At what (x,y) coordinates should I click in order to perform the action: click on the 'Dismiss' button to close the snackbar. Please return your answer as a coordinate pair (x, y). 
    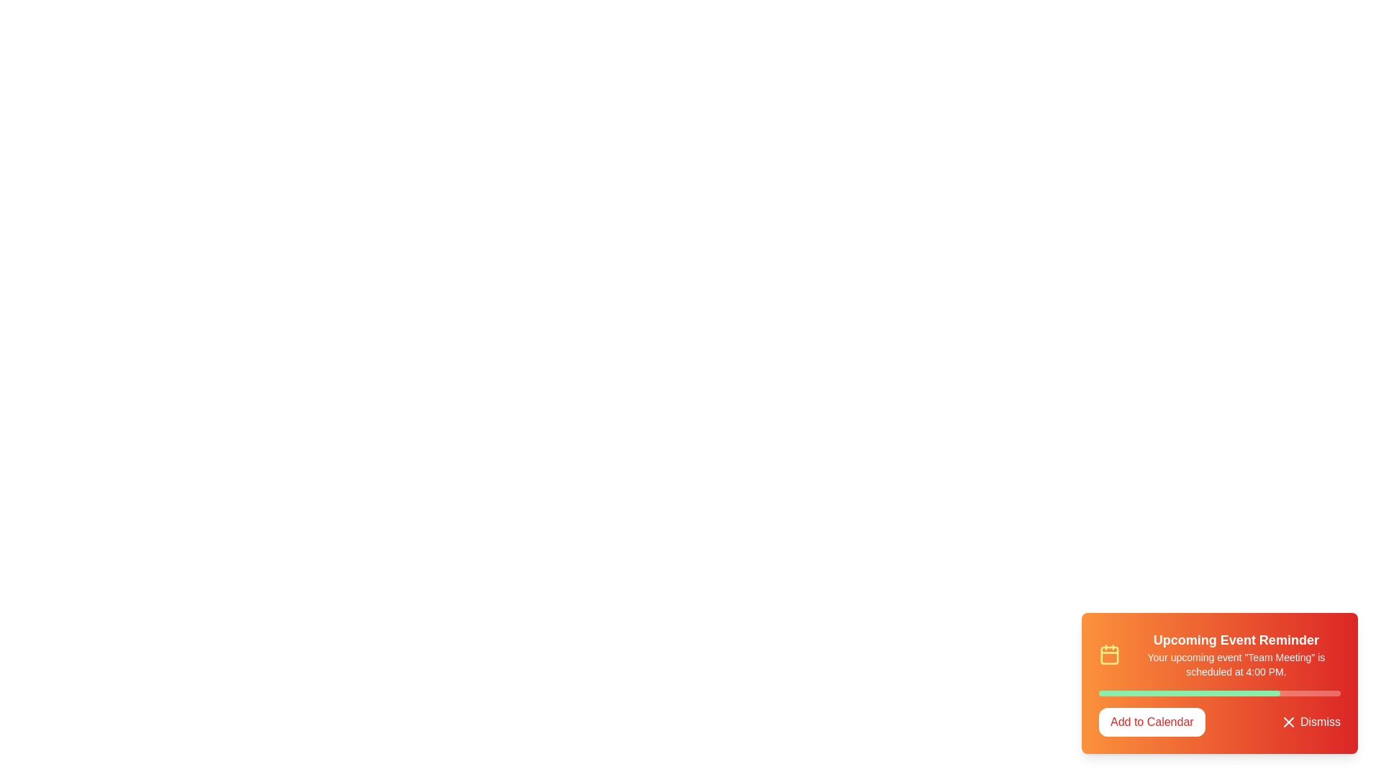
    Looking at the image, I should click on (1311, 722).